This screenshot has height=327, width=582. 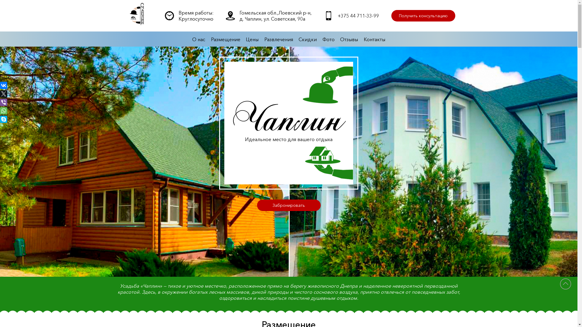 What do you see at coordinates (4, 111) in the screenshot?
I see `'WhatsApp'` at bounding box center [4, 111].